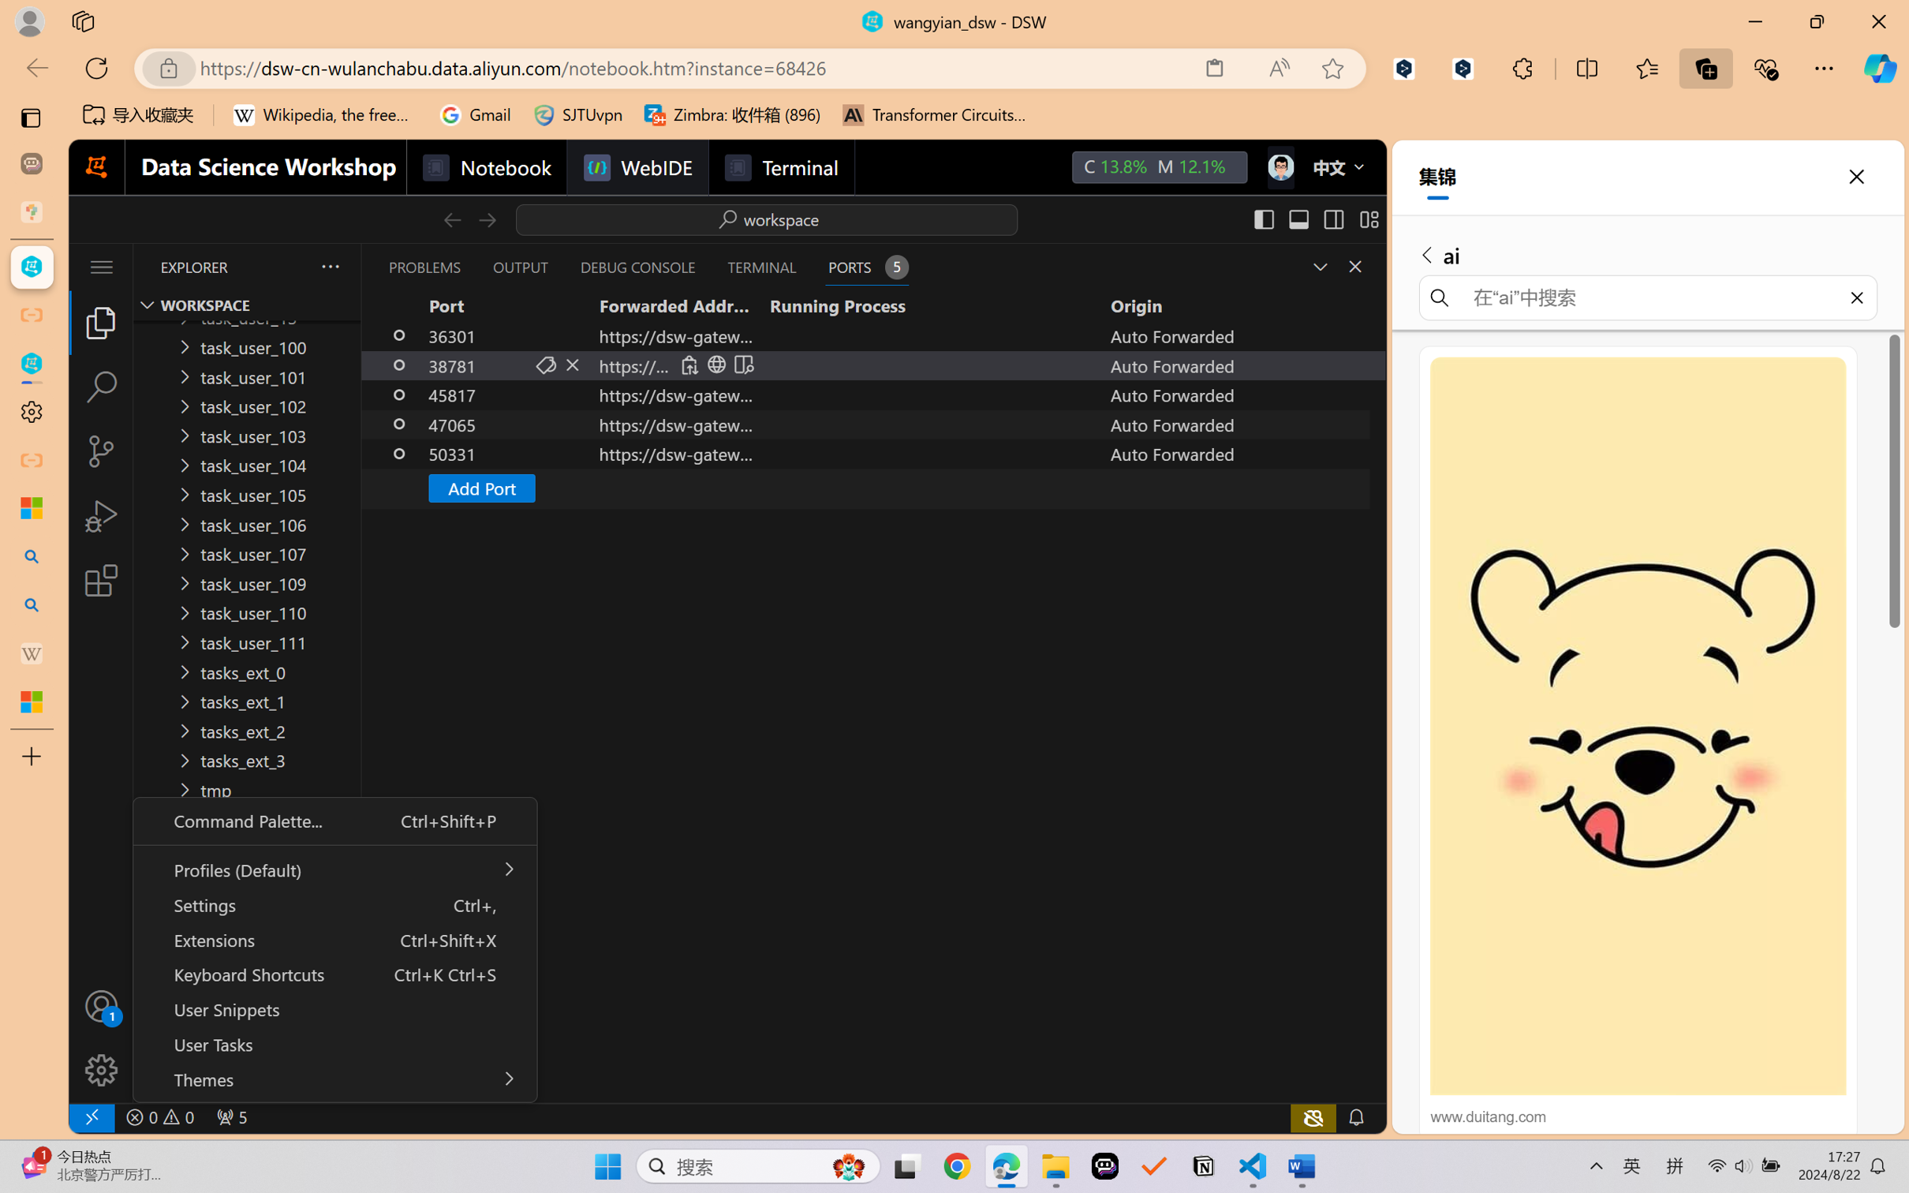  Describe the element at coordinates (451, 219) in the screenshot. I see `'Go Back (Alt+LeftArrow)'` at that location.